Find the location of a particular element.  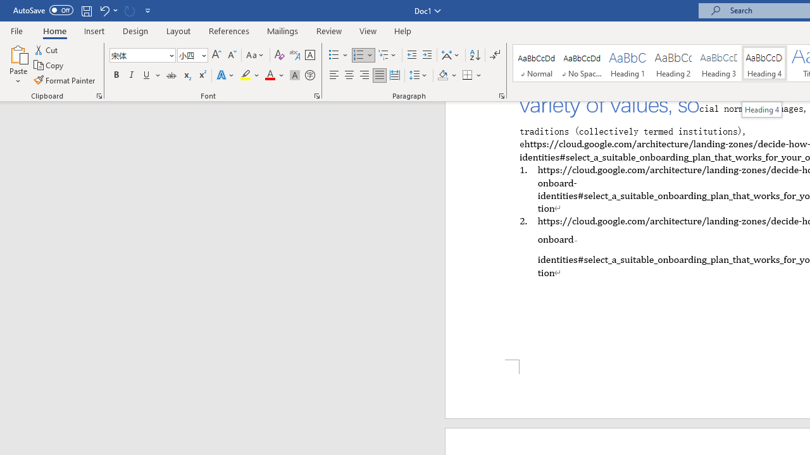

'Insert' is located at coordinates (94, 30).